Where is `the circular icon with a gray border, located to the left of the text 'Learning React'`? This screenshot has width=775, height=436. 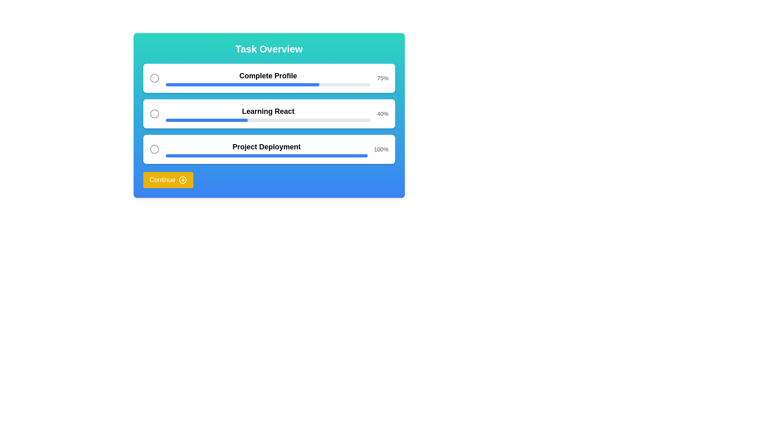 the circular icon with a gray border, located to the left of the text 'Learning React' is located at coordinates (154, 113).